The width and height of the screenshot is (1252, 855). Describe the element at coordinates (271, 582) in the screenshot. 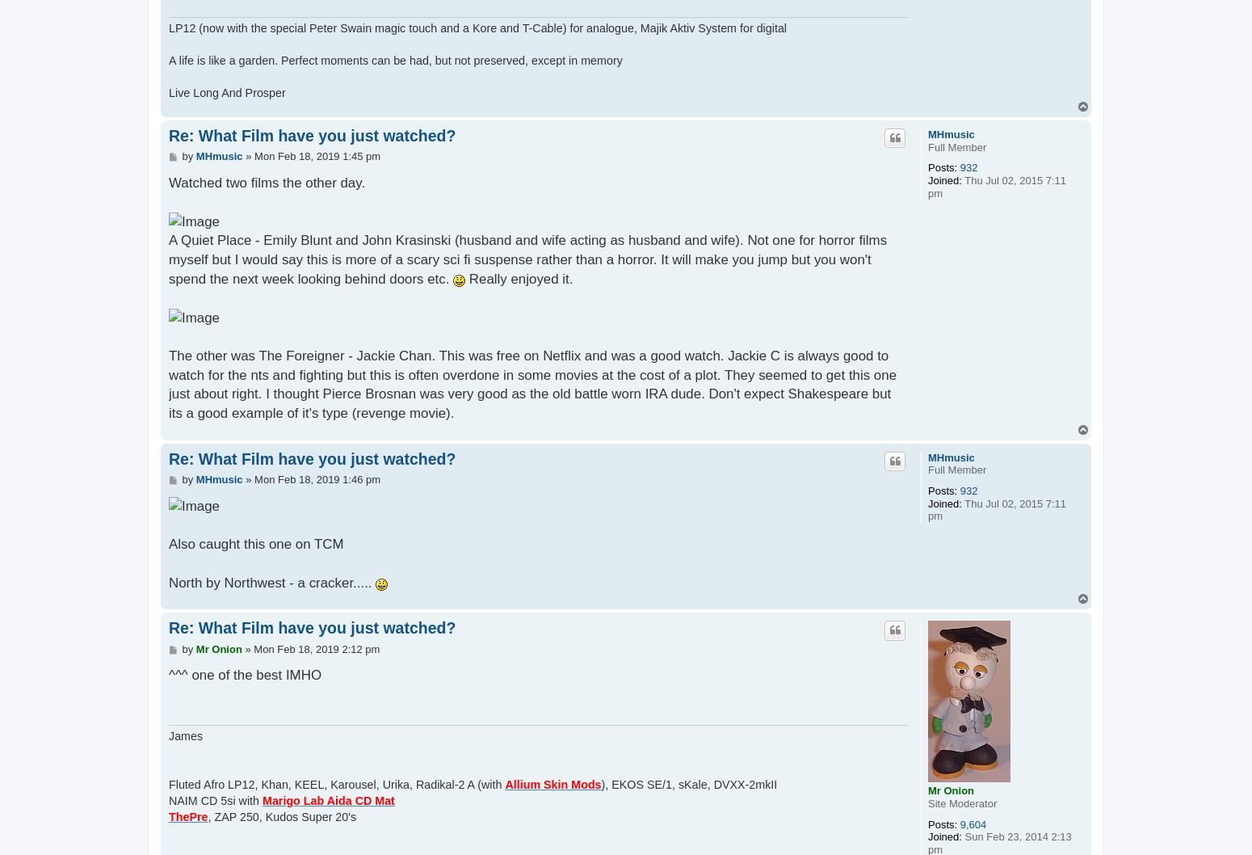

I see `'North by Northwest - a cracker.....'` at that location.